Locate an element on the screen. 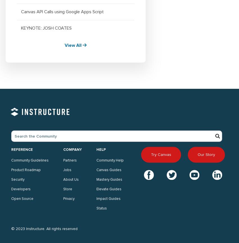  'Open Source' is located at coordinates (22, 198).